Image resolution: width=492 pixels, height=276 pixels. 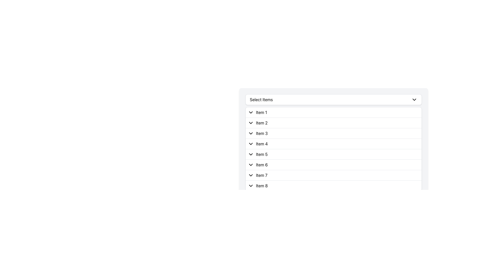 I want to click on the List item labeled 'Item 6' with a collapsible chevron, which is styled with a light background and contains a downward chevron icon, so click(x=258, y=165).